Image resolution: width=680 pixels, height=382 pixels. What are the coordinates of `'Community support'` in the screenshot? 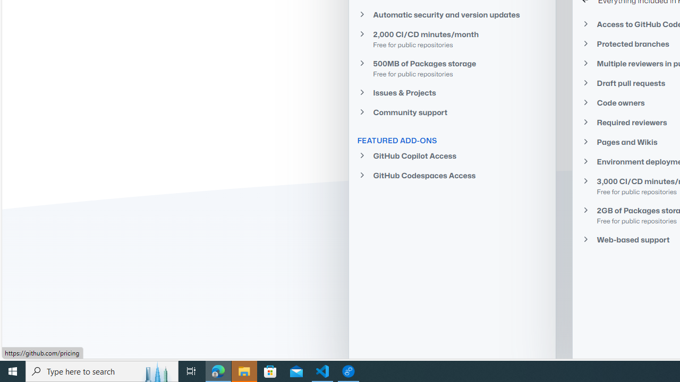 It's located at (452, 112).